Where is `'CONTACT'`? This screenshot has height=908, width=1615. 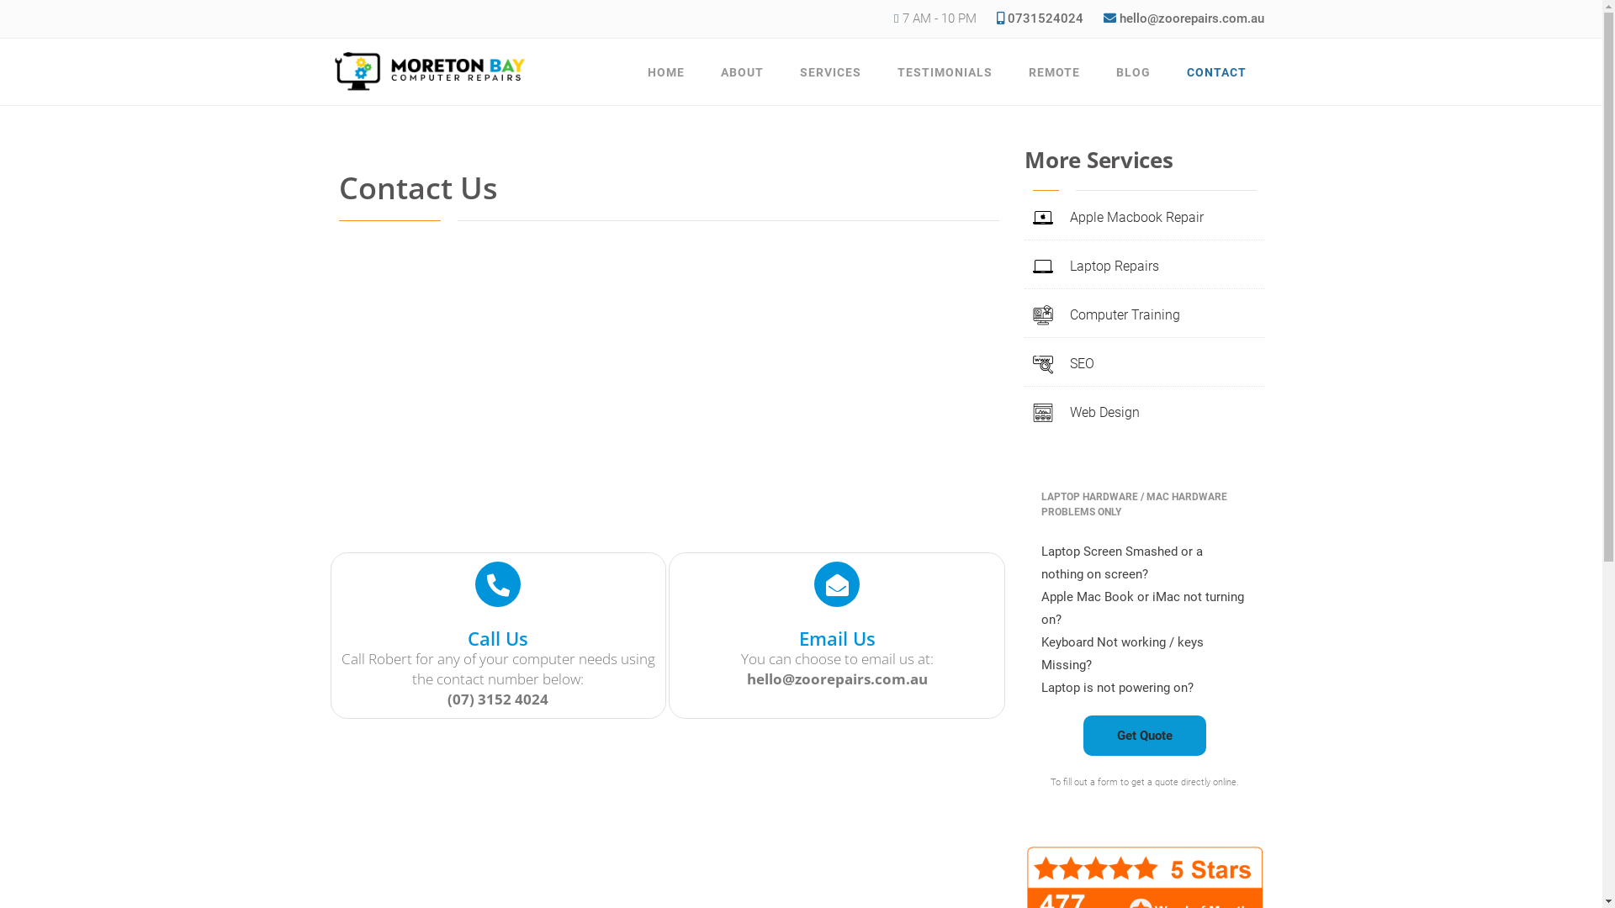 'CONTACT' is located at coordinates (1216, 71).